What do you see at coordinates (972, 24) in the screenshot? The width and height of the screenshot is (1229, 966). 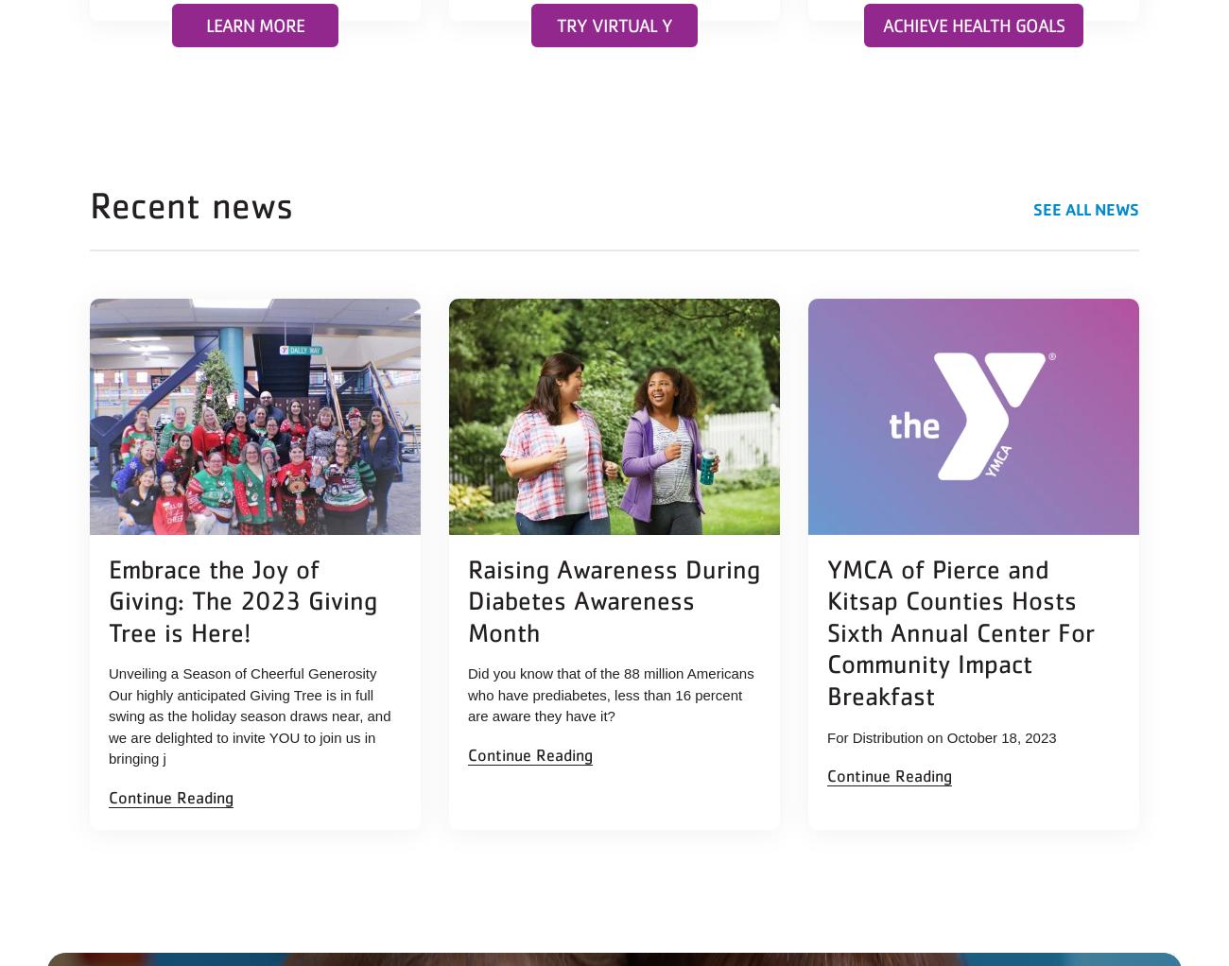 I see `'Achieve Health Goals'` at bounding box center [972, 24].